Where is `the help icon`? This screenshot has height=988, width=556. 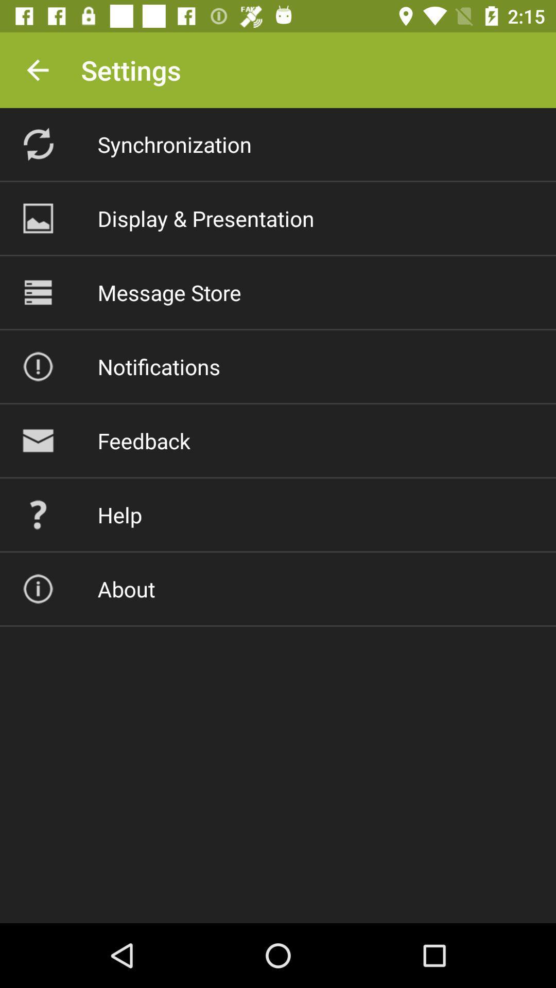 the help icon is located at coordinates (119, 515).